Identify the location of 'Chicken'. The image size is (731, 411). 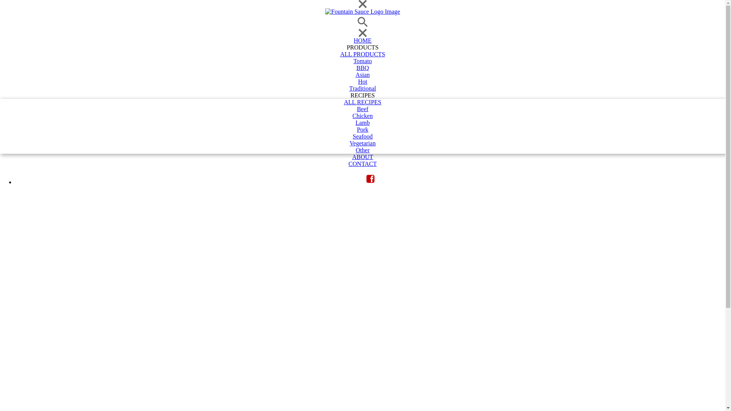
(362, 116).